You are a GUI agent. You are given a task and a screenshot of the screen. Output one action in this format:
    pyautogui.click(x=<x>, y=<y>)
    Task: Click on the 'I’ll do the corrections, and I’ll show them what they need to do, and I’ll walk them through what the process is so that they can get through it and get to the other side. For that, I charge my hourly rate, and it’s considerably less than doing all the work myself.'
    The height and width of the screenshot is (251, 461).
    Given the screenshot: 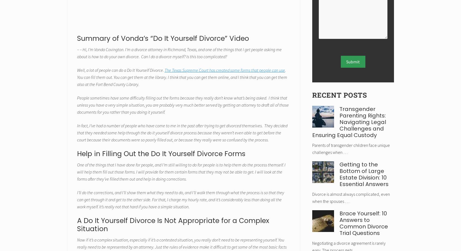 What is the action you would take?
    pyautogui.click(x=180, y=199)
    